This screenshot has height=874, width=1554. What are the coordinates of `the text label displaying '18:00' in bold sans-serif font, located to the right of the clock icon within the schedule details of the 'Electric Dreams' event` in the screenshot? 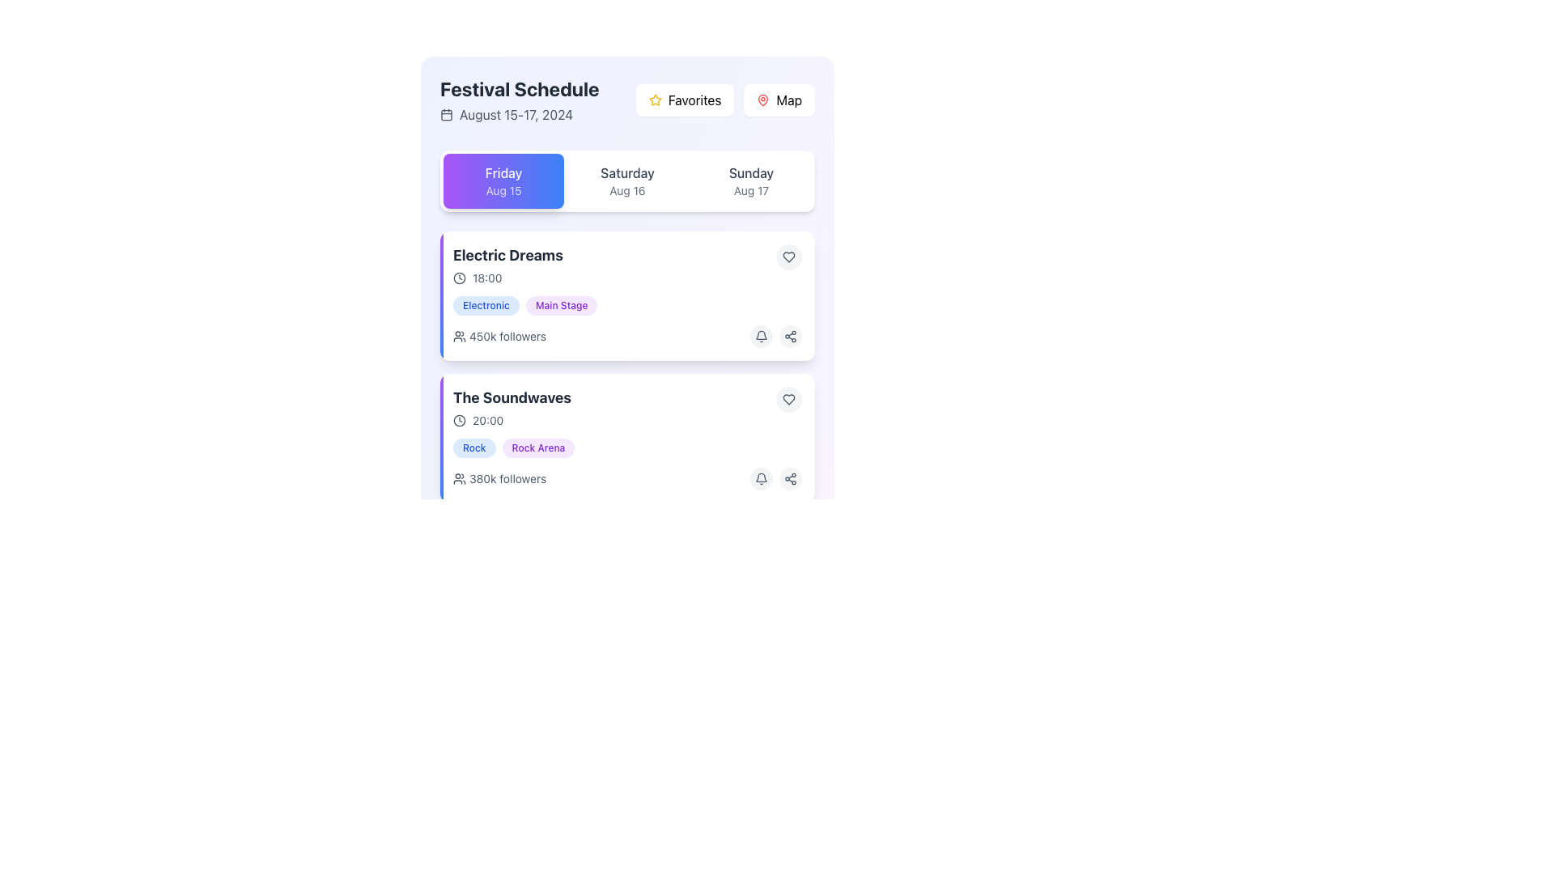 It's located at (486, 277).